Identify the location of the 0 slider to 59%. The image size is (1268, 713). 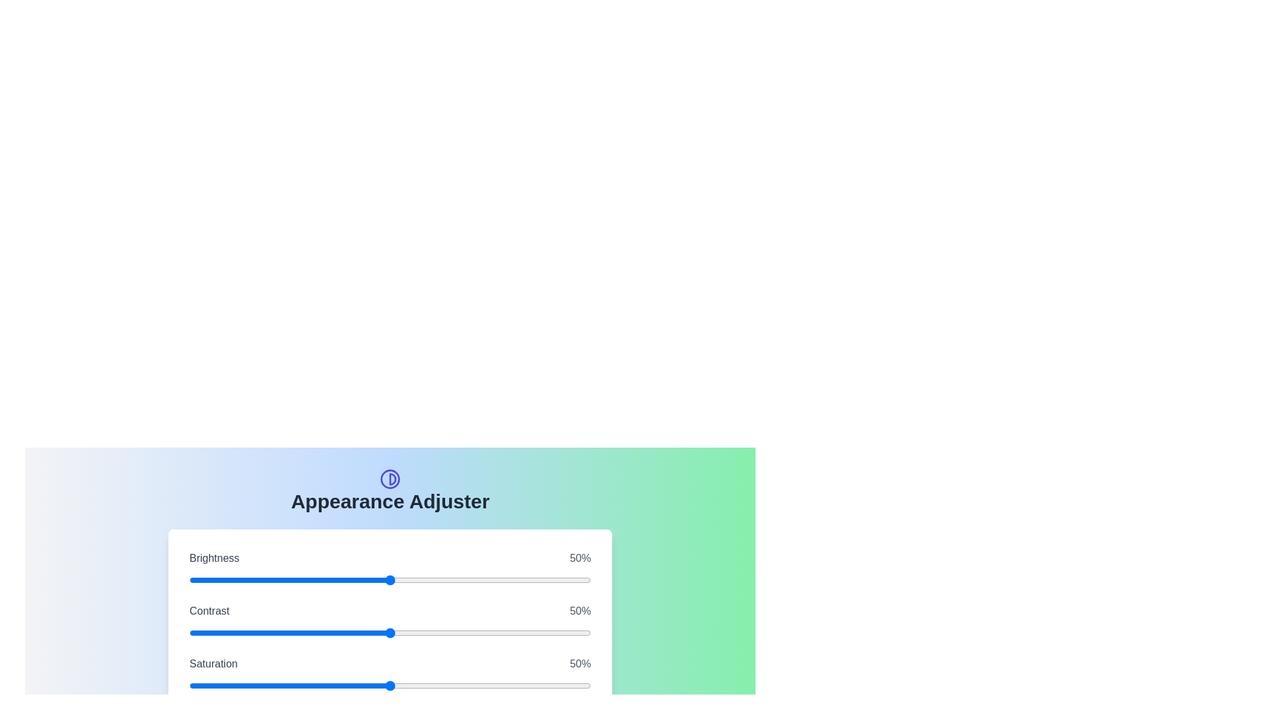
(508, 580).